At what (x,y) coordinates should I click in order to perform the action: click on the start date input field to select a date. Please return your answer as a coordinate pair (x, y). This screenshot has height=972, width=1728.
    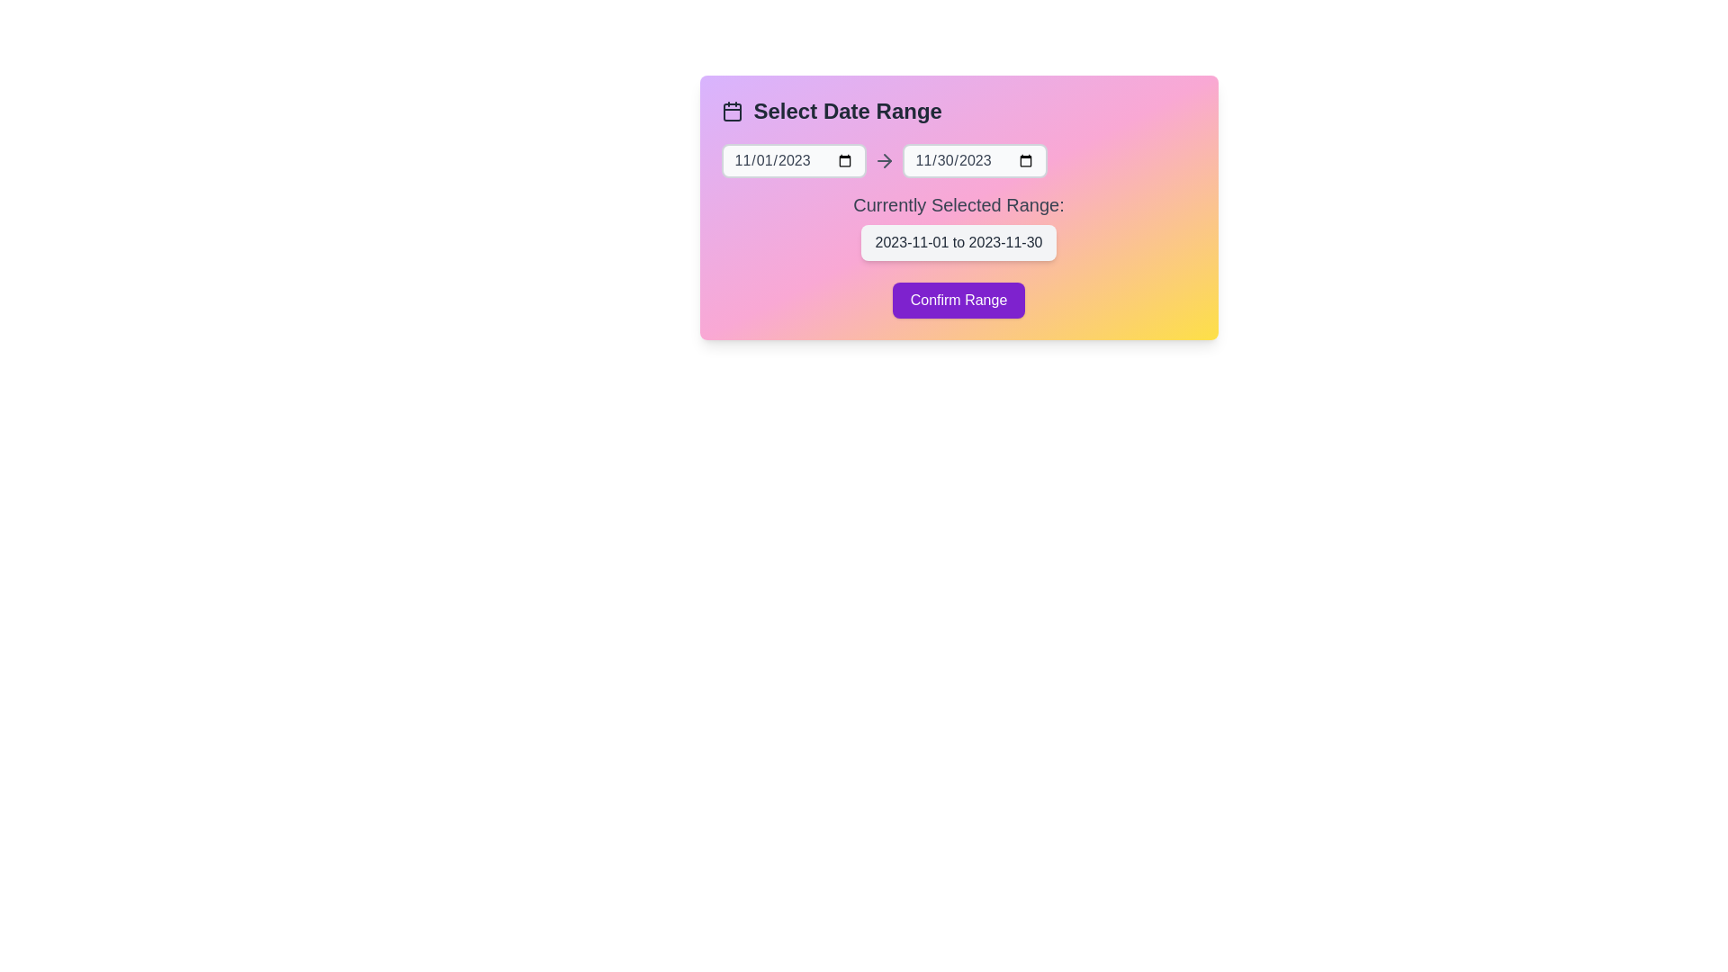
    Looking at the image, I should click on (793, 159).